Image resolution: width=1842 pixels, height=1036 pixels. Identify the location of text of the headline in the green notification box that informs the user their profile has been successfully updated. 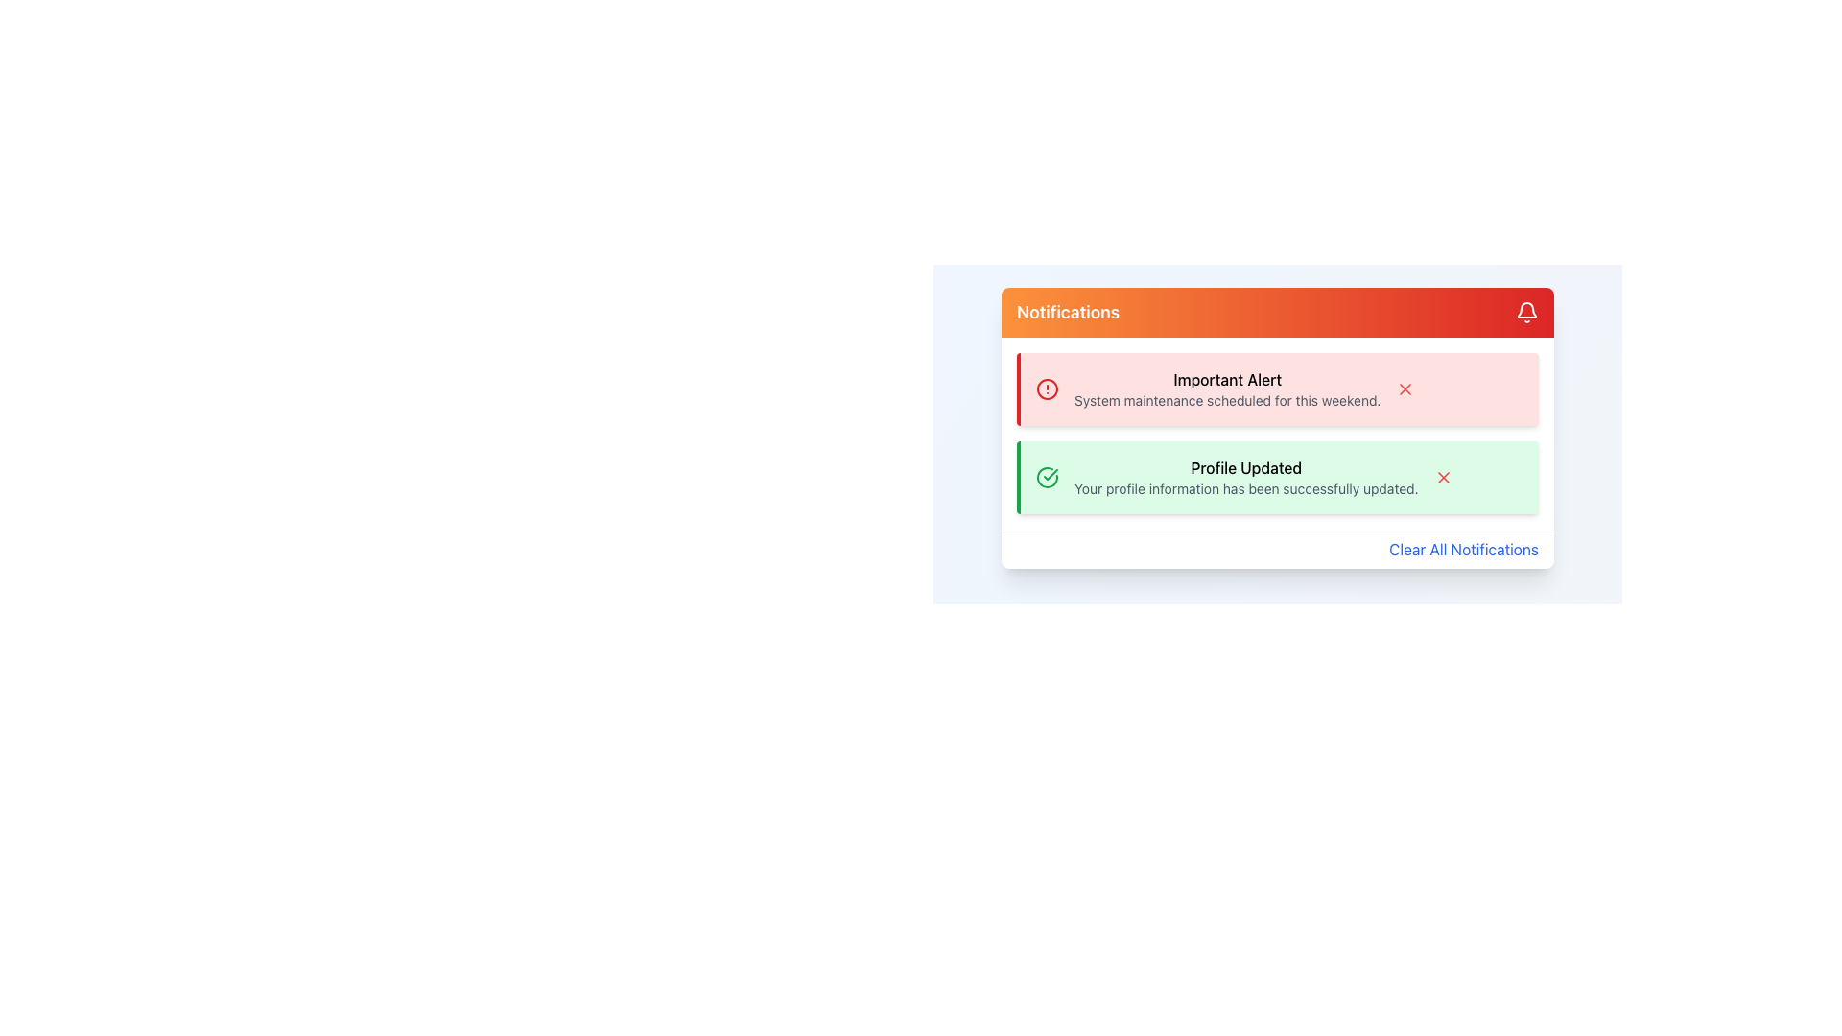
(1246, 468).